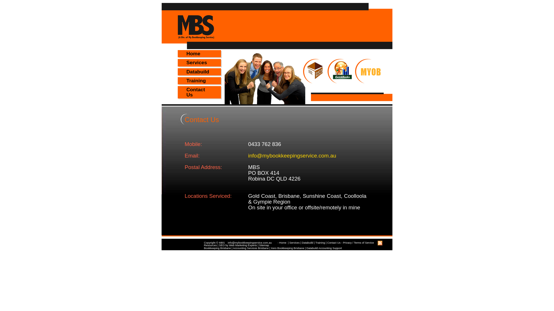 The image size is (554, 311). I want to click on 'Services', so click(199, 62).